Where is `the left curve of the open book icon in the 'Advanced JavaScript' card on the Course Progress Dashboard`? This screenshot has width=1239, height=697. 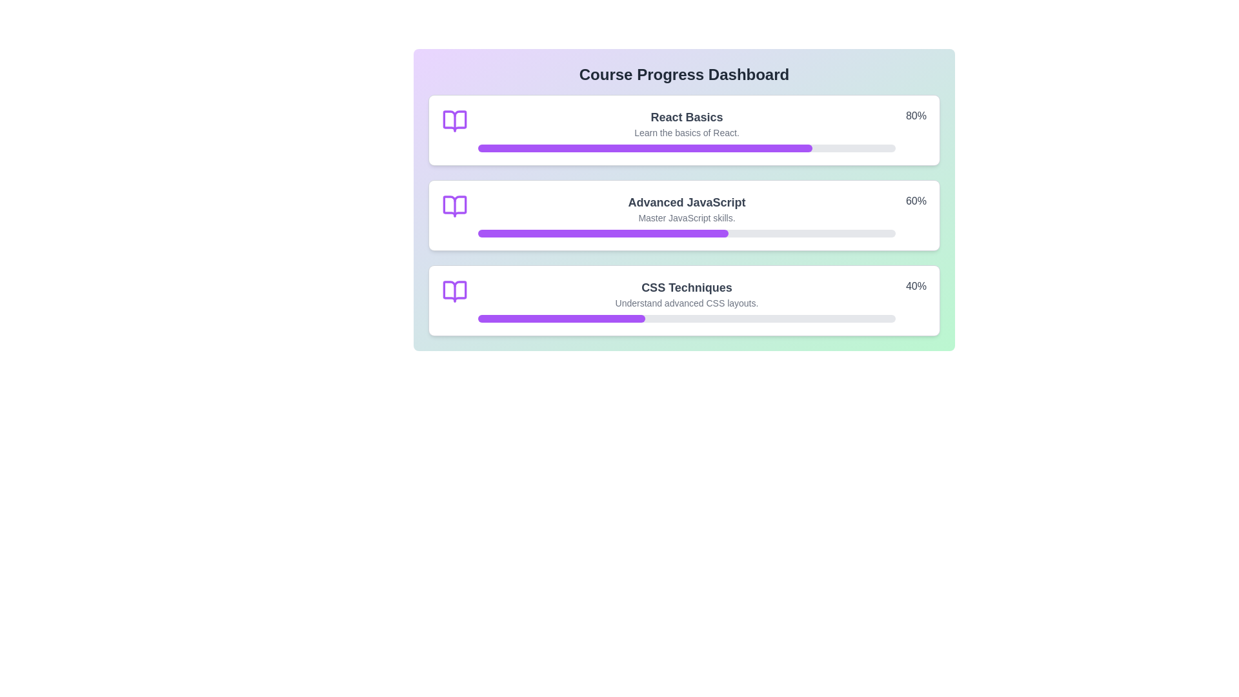 the left curve of the open book icon in the 'Advanced JavaScript' card on the Course Progress Dashboard is located at coordinates (455, 206).